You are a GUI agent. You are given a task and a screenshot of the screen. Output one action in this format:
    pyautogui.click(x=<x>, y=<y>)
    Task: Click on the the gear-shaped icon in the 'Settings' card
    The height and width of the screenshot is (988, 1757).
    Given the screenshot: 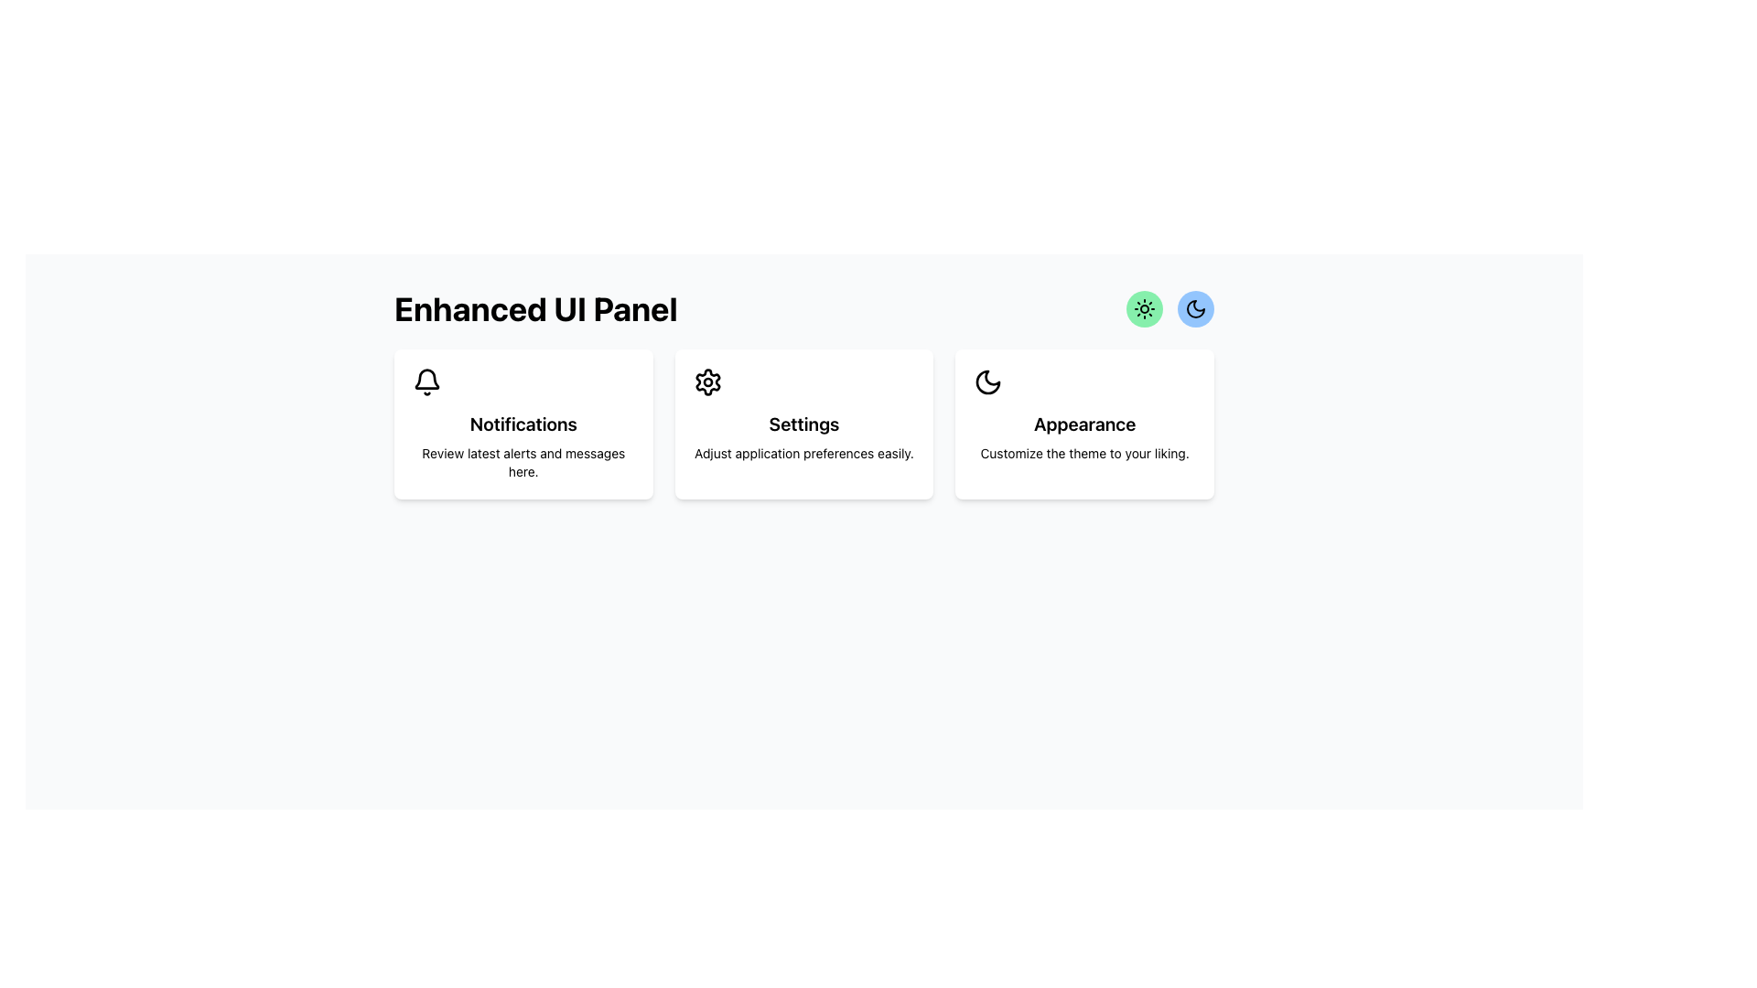 What is the action you would take?
    pyautogui.click(x=706, y=381)
    